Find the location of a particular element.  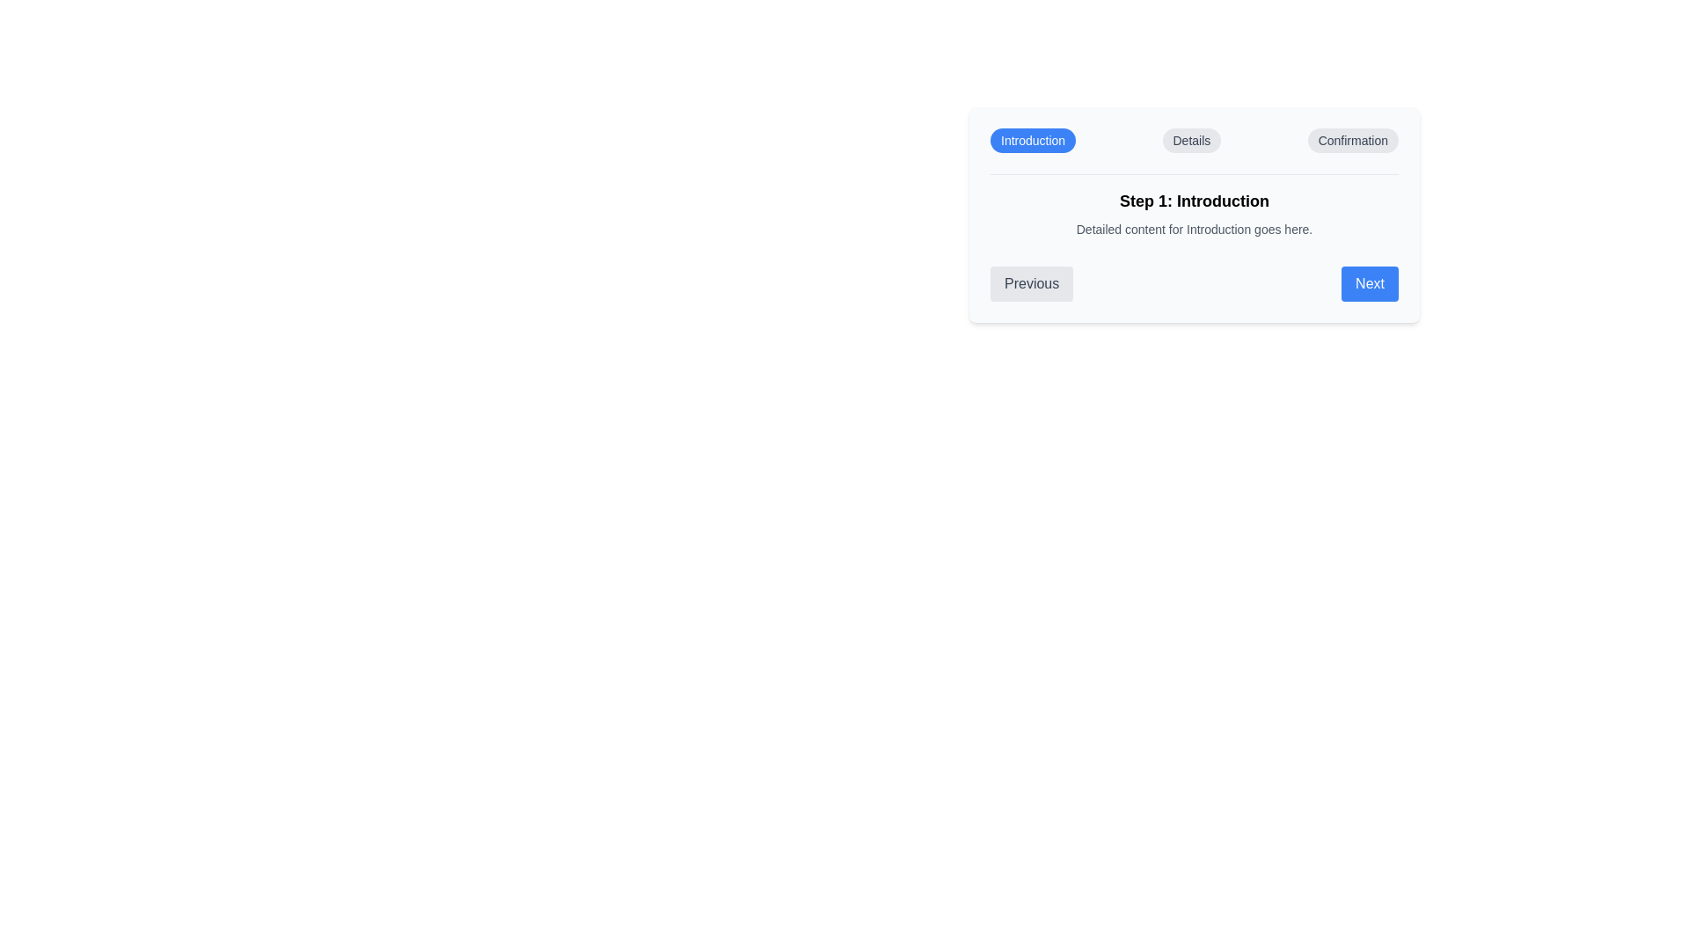

the label of the step Details to navigate to that step is located at coordinates (1191, 139).